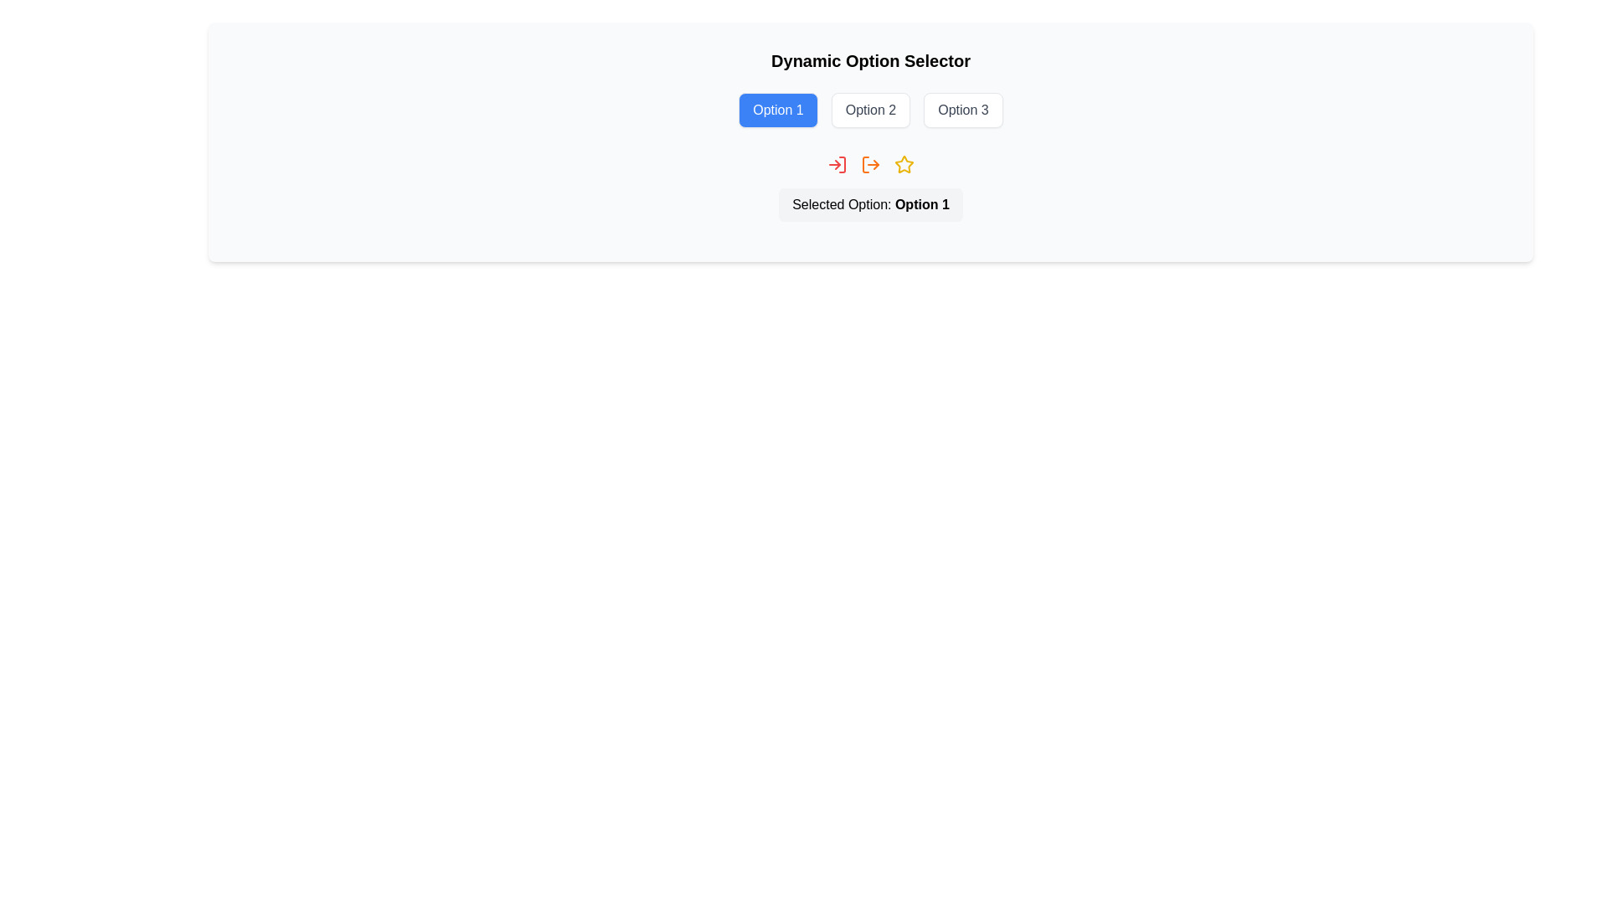  What do you see at coordinates (869, 110) in the screenshot?
I see `the 'Option 2' button` at bounding box center [869, 110].